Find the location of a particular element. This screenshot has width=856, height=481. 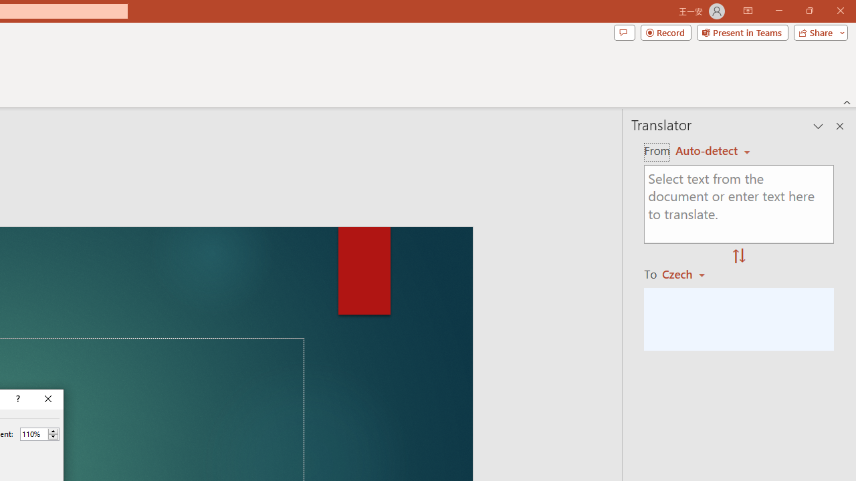

'Auto-detect' is located at coordinates (712, 150).